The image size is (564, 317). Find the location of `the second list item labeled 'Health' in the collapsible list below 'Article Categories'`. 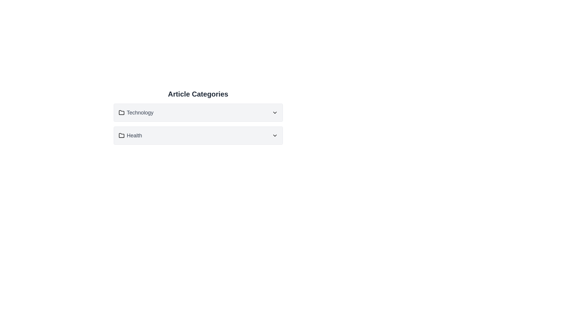

the second list item labeled 'Health' in the collapsible list below 'Article Categories' is located at coordinates (198, 136).